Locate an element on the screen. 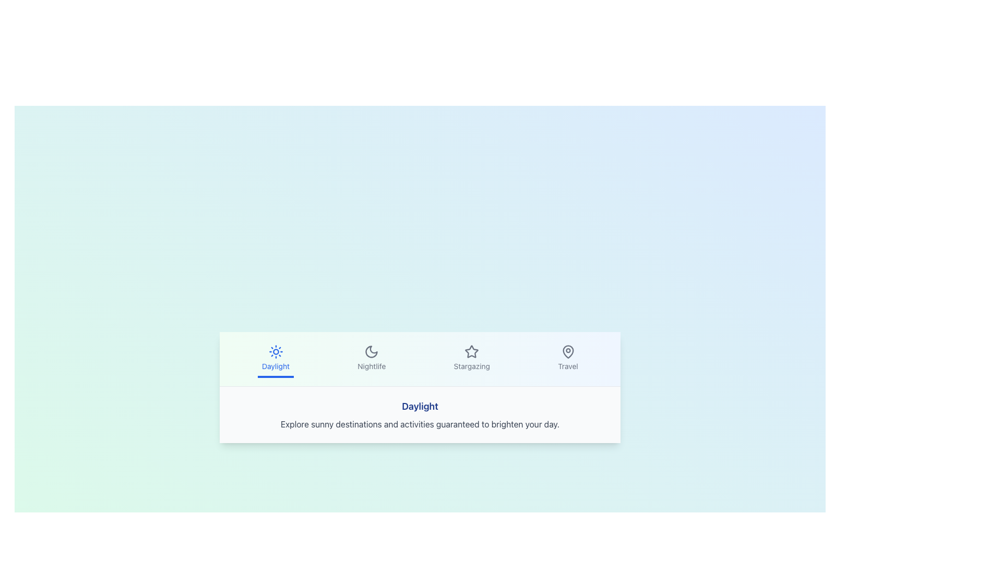 Image resolution: width=1002 pixels, height=563 pixels. the 'Stargazing' button, which is a star-shaped icon followed by the label 'Stargazing' in a vertical layout, located in the horizontal menu bar as the third option from the left is located at coordinates (471, 358).